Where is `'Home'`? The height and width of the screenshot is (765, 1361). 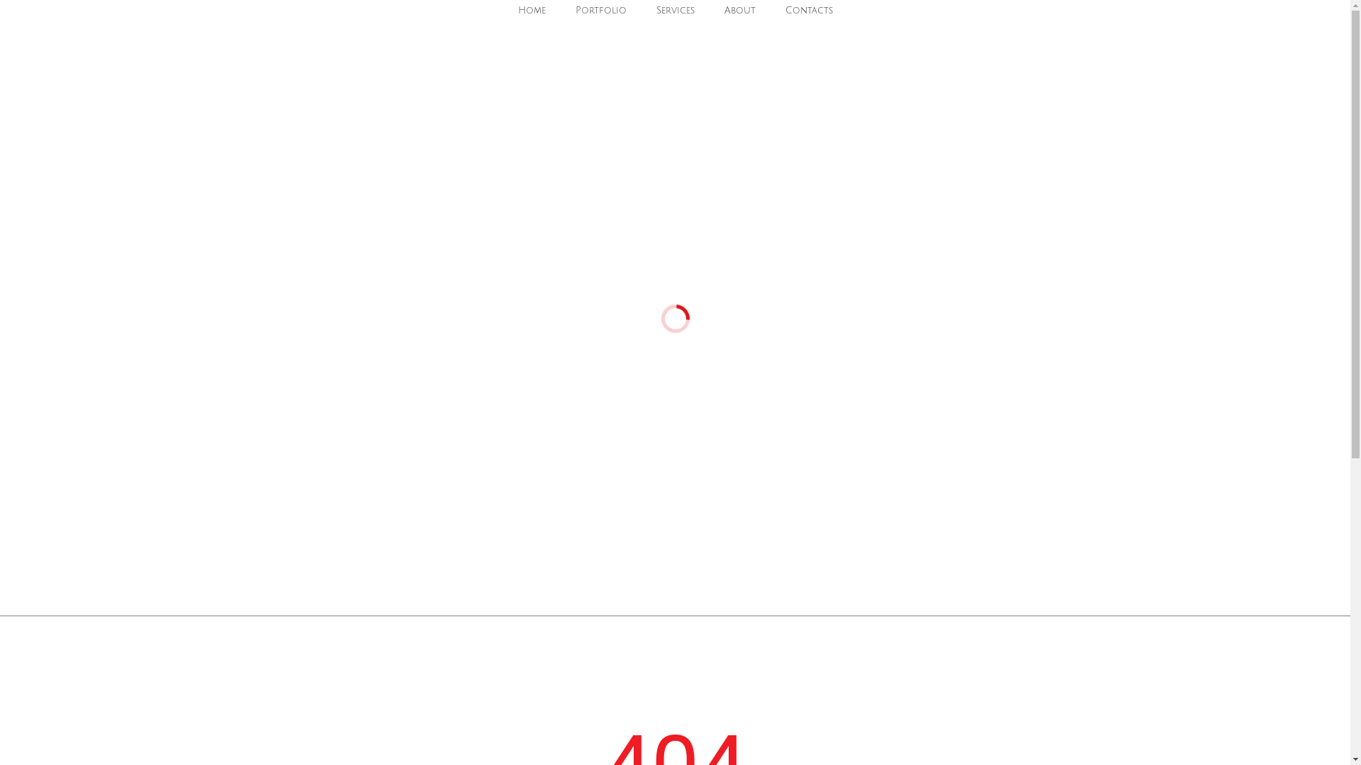 'Home' is located at coordinates (530, 11).